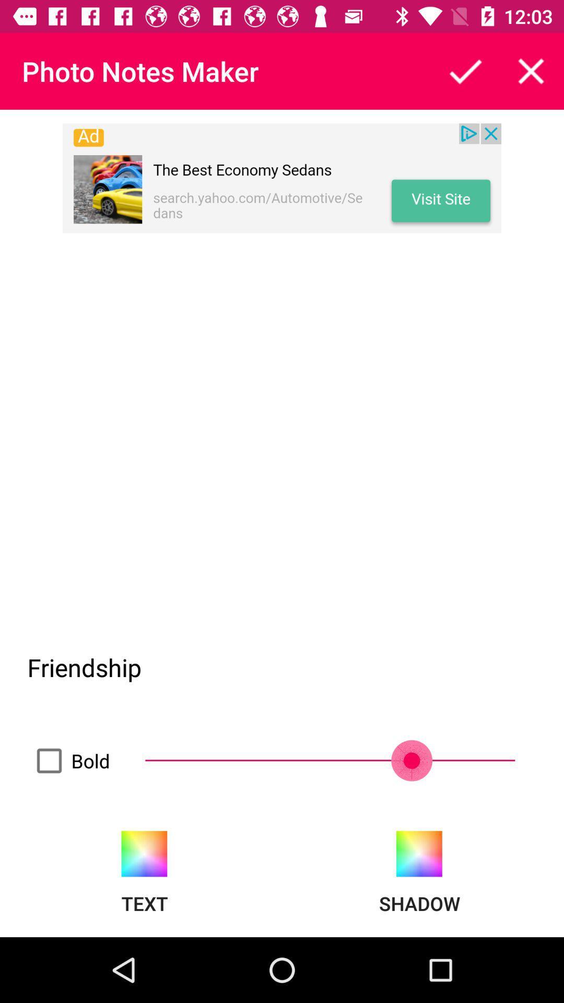 The height and width of the screenshot is (1003, 564). Describe the element at coordinates (465, 71) in the screenshot. I see `the app` at that location.